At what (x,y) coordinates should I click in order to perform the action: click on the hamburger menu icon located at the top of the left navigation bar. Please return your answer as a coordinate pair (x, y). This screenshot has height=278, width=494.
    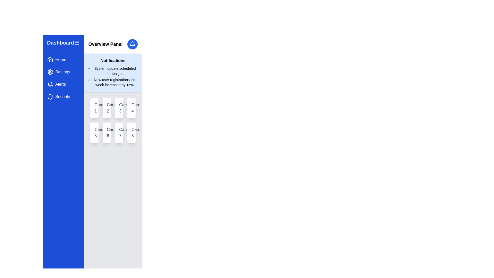
    Looking at the image, I should click on (63, 42).